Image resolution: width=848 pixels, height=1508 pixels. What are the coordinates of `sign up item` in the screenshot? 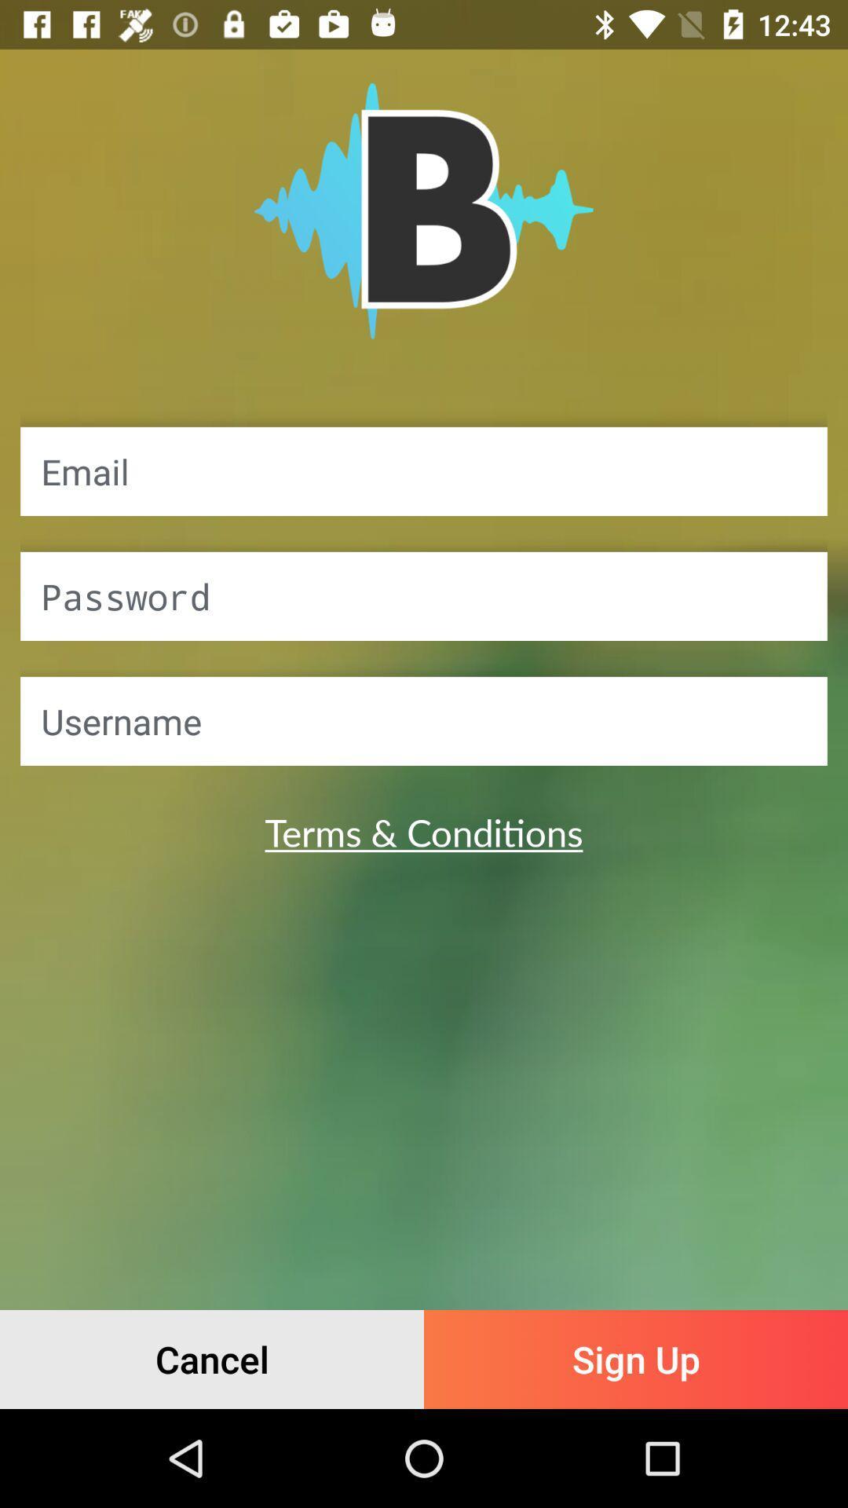 It's located at (636, 1359).